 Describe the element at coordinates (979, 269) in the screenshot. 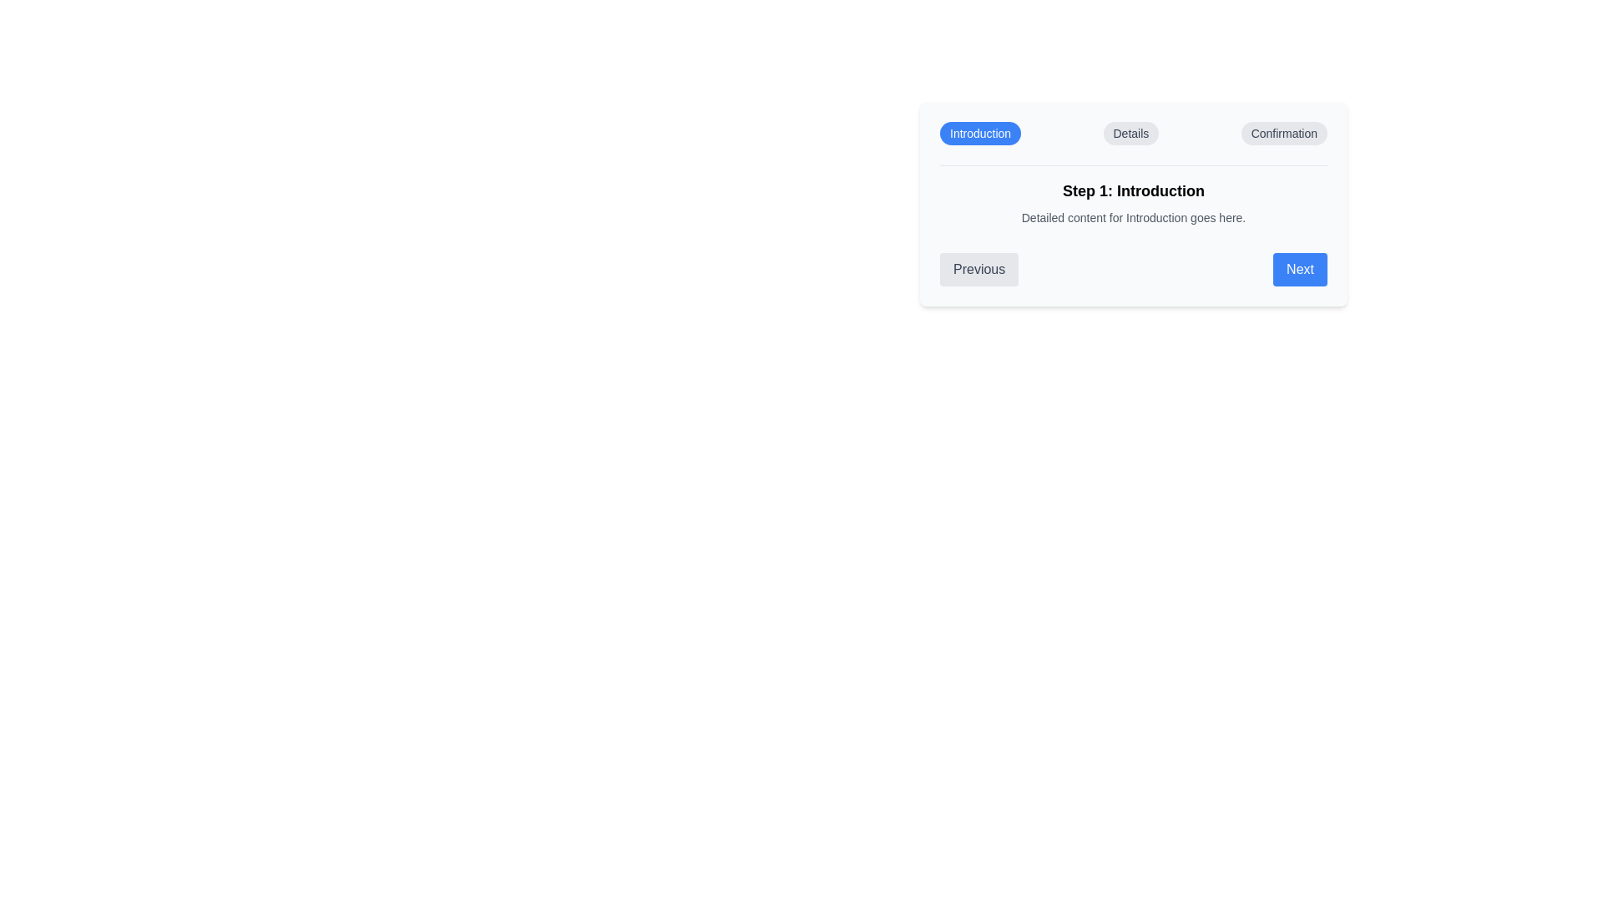

I see `the Previous button to navigate through the steps` at that location.